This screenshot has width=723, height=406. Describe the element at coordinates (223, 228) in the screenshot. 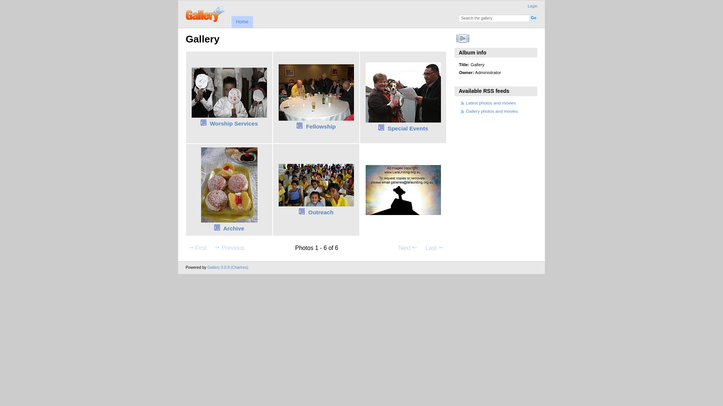

I see `'Archive'` at that location.